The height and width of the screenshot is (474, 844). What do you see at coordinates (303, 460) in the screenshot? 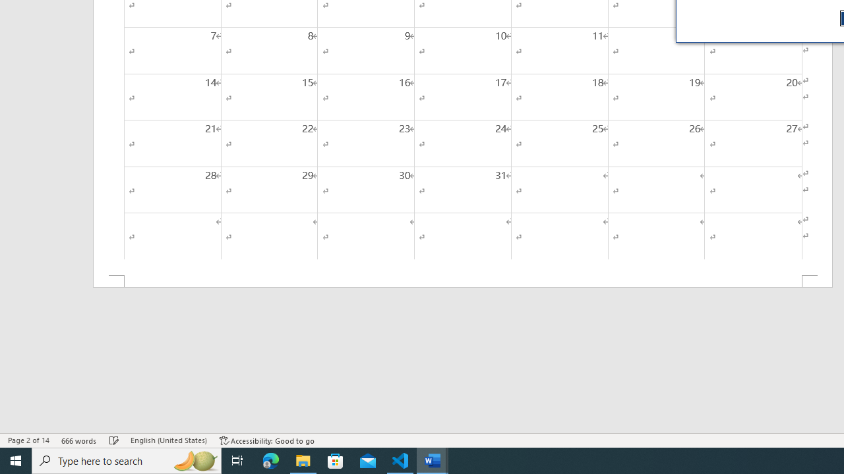
I see `'File Explorer - 1 running window'` at bounding box center [303, 460].